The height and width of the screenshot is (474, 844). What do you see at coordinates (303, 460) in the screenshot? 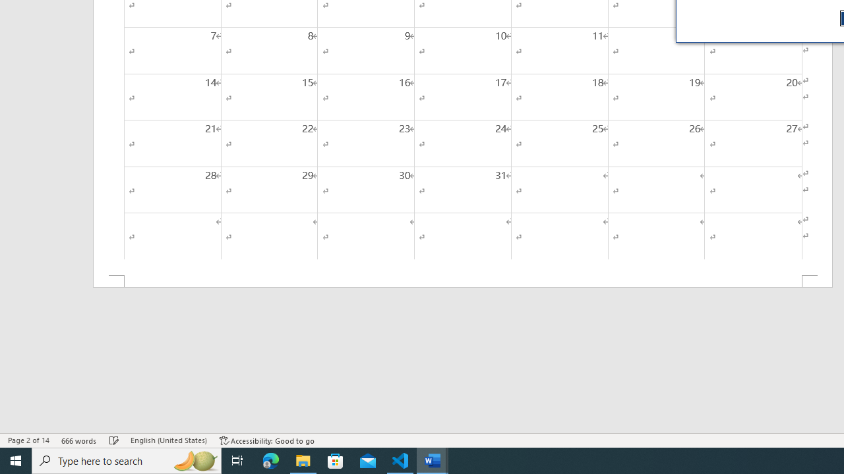
I see `'File Explorer - 1 running window'` at bounding box center [303, 460].